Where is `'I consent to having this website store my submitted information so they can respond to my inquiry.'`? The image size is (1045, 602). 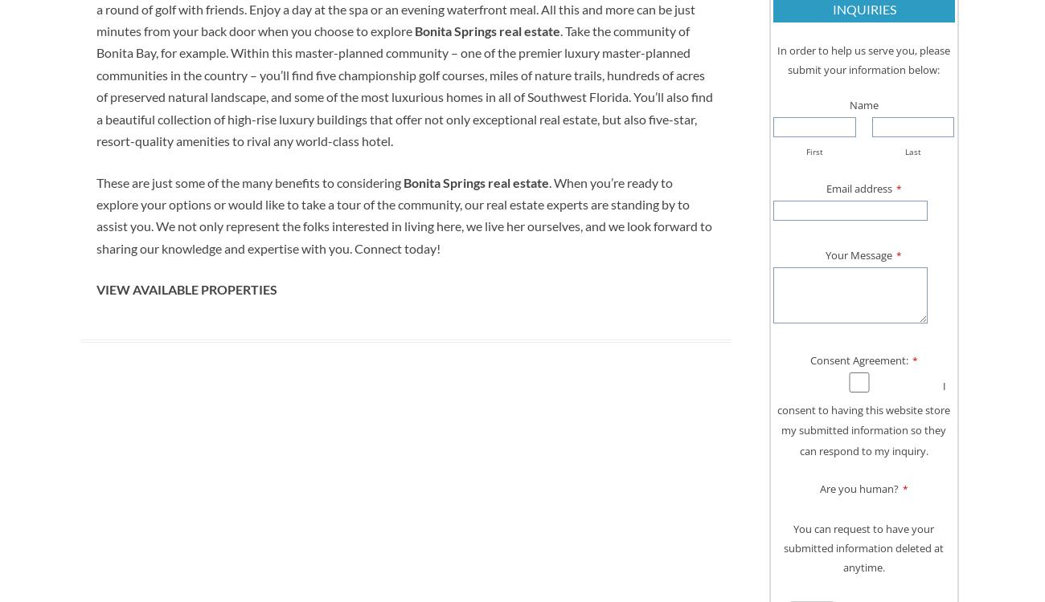
'I consent to having this website store my submitted information so they can respond to my inquiry.' is located at coordinates (863, 417).